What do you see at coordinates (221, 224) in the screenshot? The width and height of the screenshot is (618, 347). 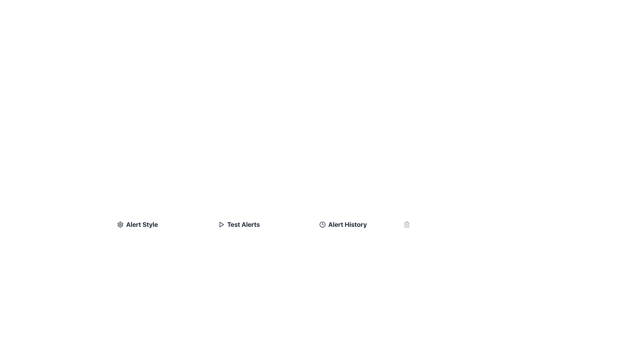 I see `the design of the triangular play icon, which is positioned to the left of the text 'Test Alerts'` at bounding box center [221, 224].